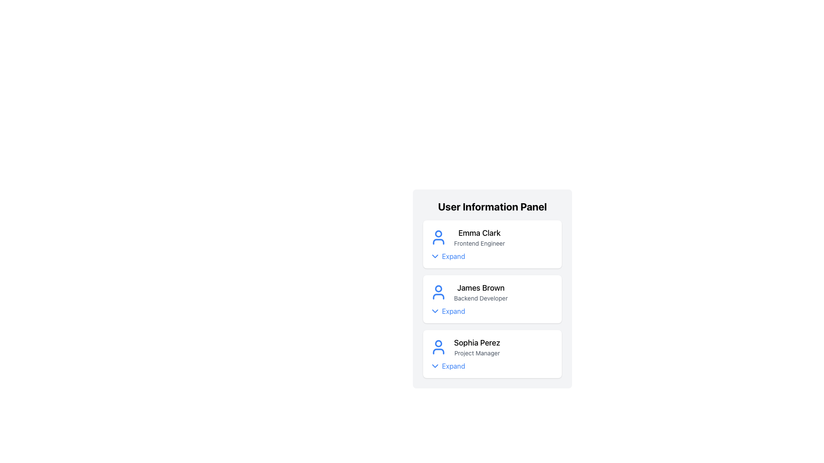 The width and height of the screenshot is (824, 463). I want to click on the text label indicating the role or position of the user 'Sophia Perez' within the user information card, located beneath the title 'Sophia Perez' and above the 'Expand' option, so click(476, 353).